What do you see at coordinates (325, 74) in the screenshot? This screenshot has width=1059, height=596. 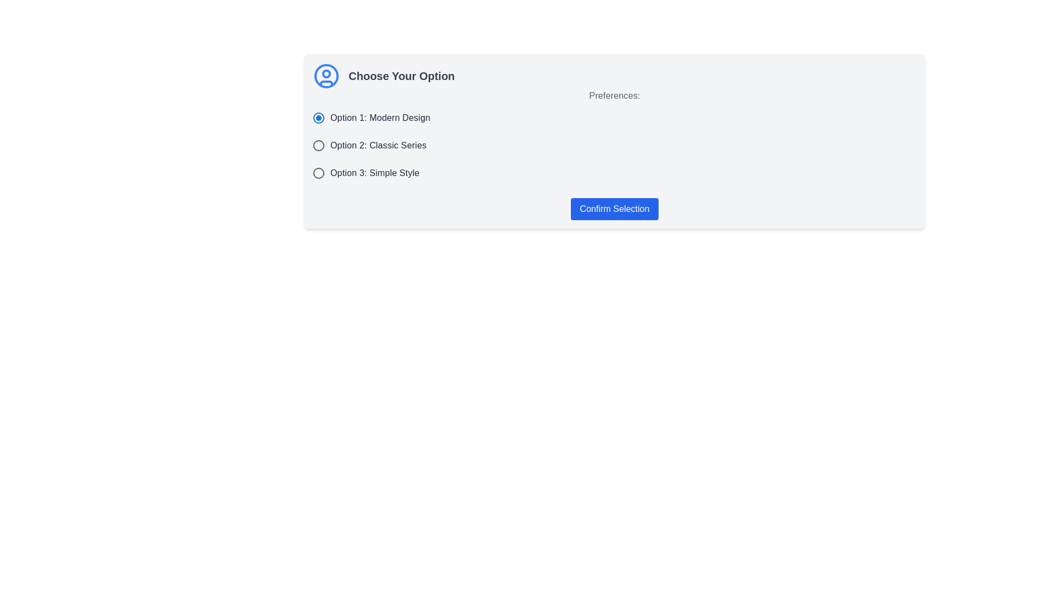 I see `the smaller circle that represents the head in the user profile icon, located slightly above the center of a larger circular icon on the left side of the section titled 'Choose Your Option'` at bounding box center [325, 74].